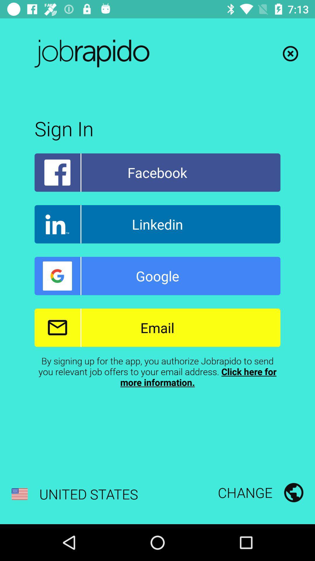 The width and height of the screenshot is (315, 561). I want to click on united states at the bottom left corner, so click(74, 494).